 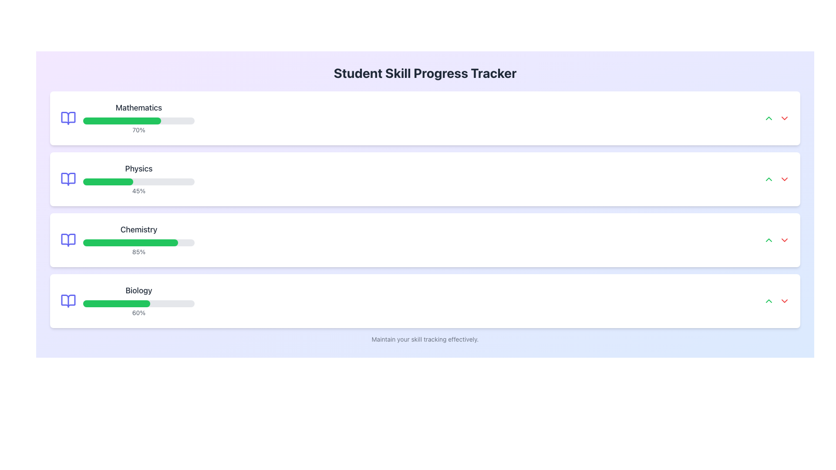 What do you see at coordinates (68, 240) in the screenshot?
I see `the first icon in the row associated with the 'Chemistry' skill tracker section` at bounding box center [68, 240].